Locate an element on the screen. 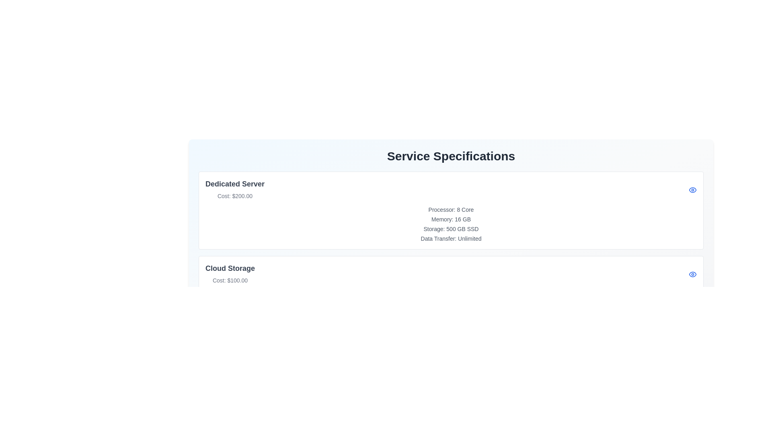 The height and width of the screenshot is (434, 772). the eye-shaped icon in the 'Dedicated Server' section to receive more information about visibility features is located at coordinates (692, 189).